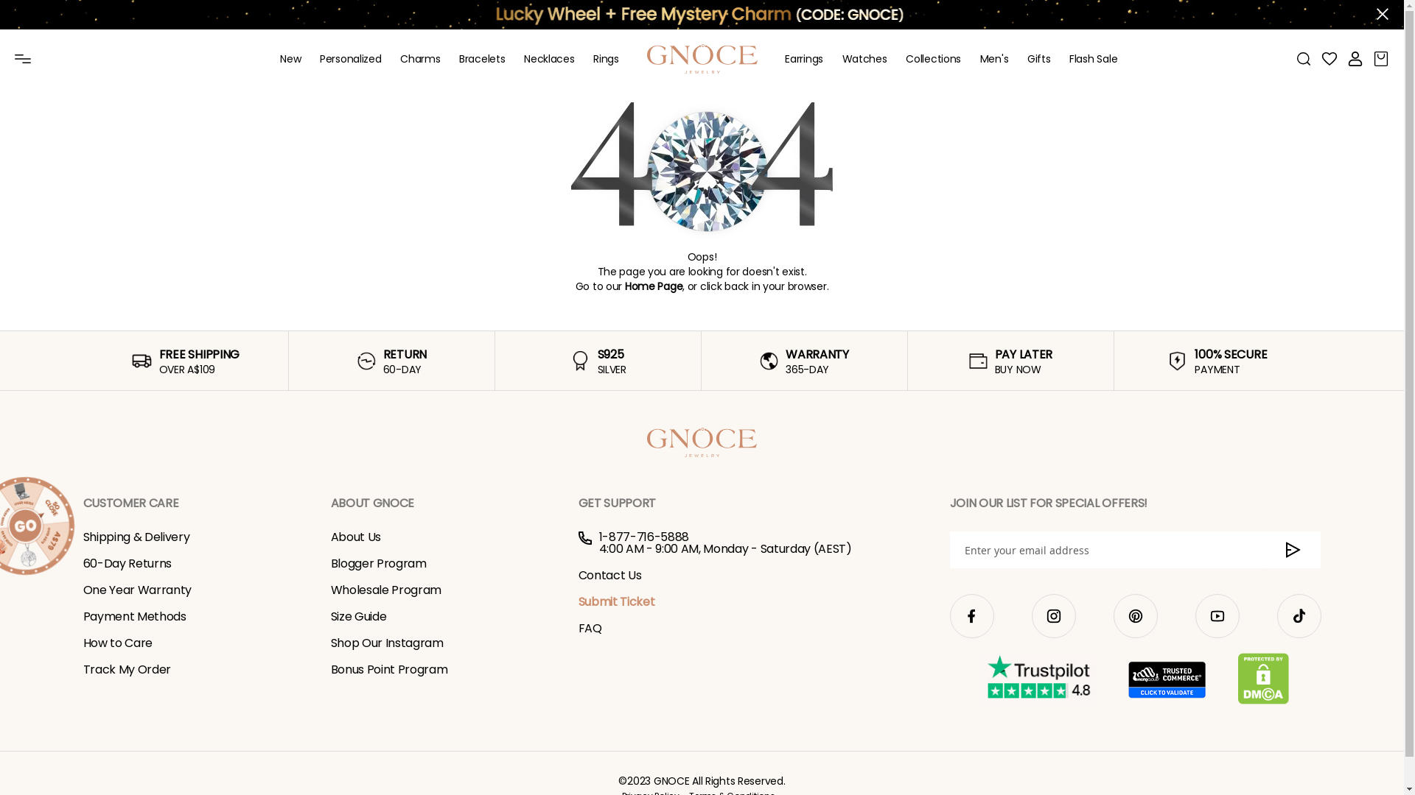  Describe the element at coordinates (81, 537) in the screenshot. I see `'Shipping & Delivery'` at that location.